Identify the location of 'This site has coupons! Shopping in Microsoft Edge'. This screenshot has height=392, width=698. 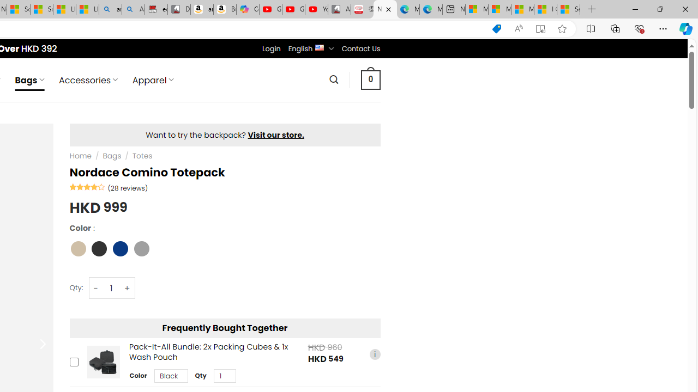
(496, 28).